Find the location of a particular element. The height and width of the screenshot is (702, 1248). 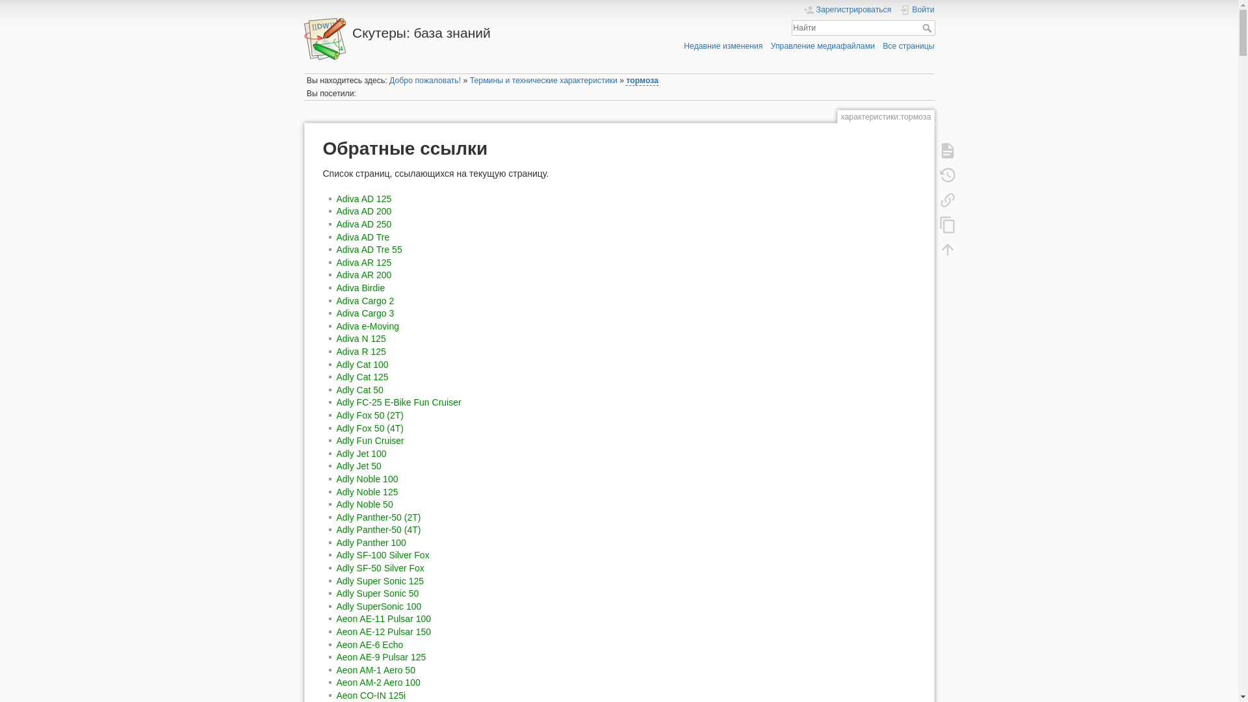

'Adly FC-25 E-Bike Fun Cruiser' is located at coordinates (398, 401).